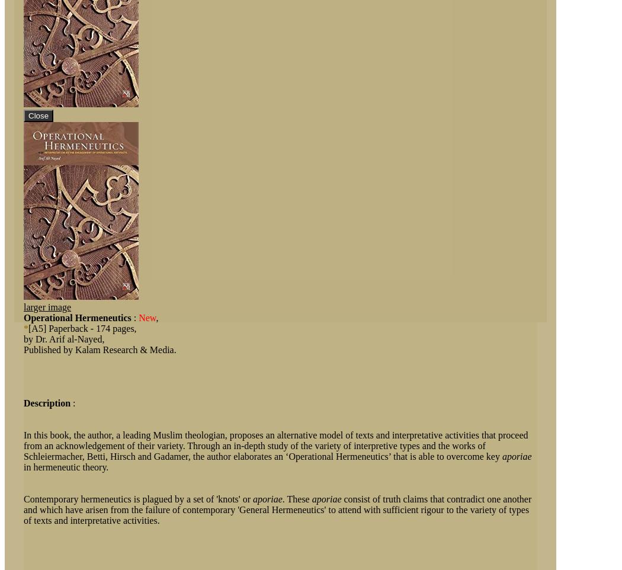 The width and height of the screenshot is (622, 570). I want to click on 'Operational Hermeneutics', so click(76, 318).